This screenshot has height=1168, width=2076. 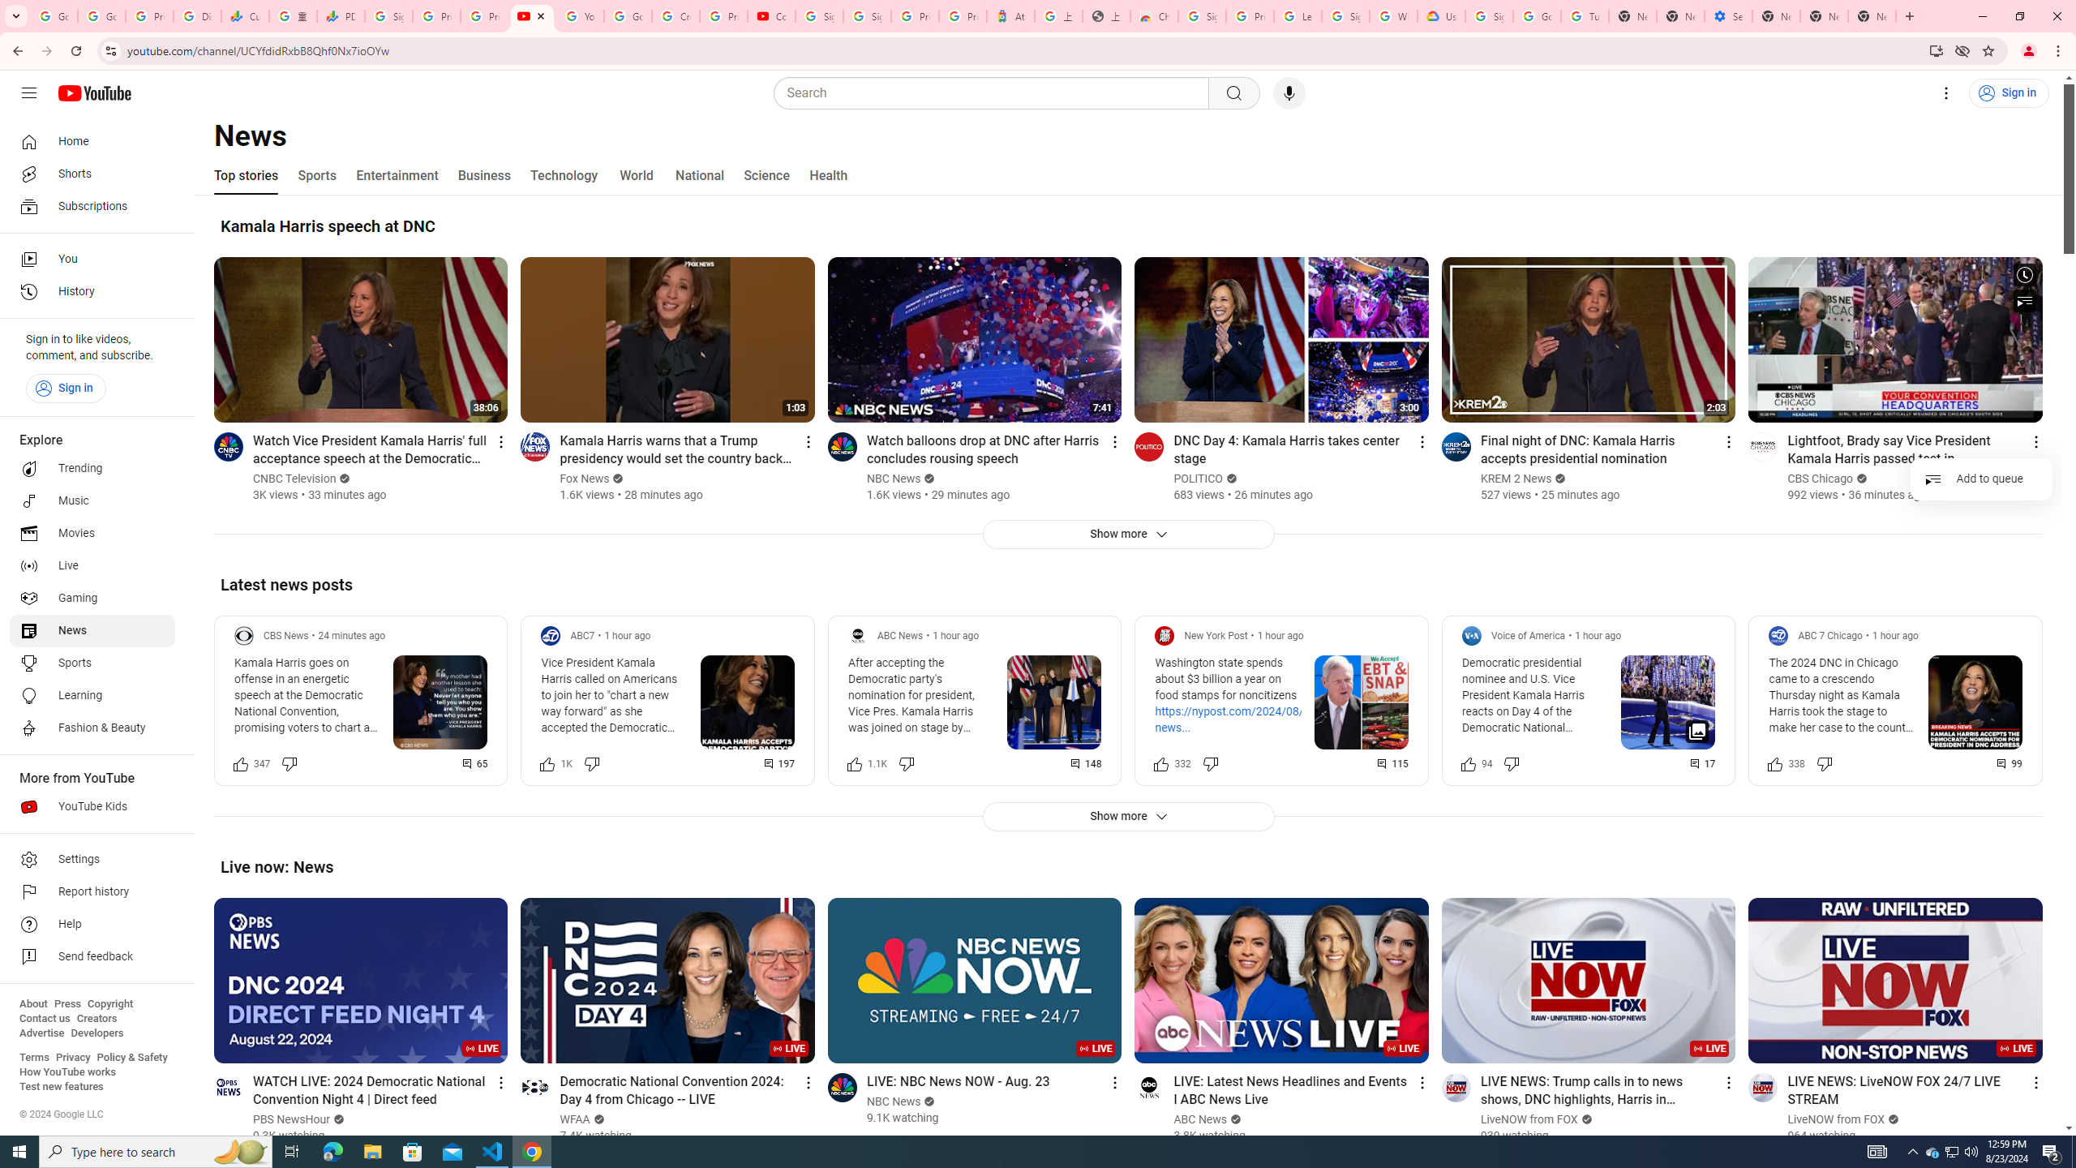 I want to click on 'Search with your voice', so click(x=1289, y=92).